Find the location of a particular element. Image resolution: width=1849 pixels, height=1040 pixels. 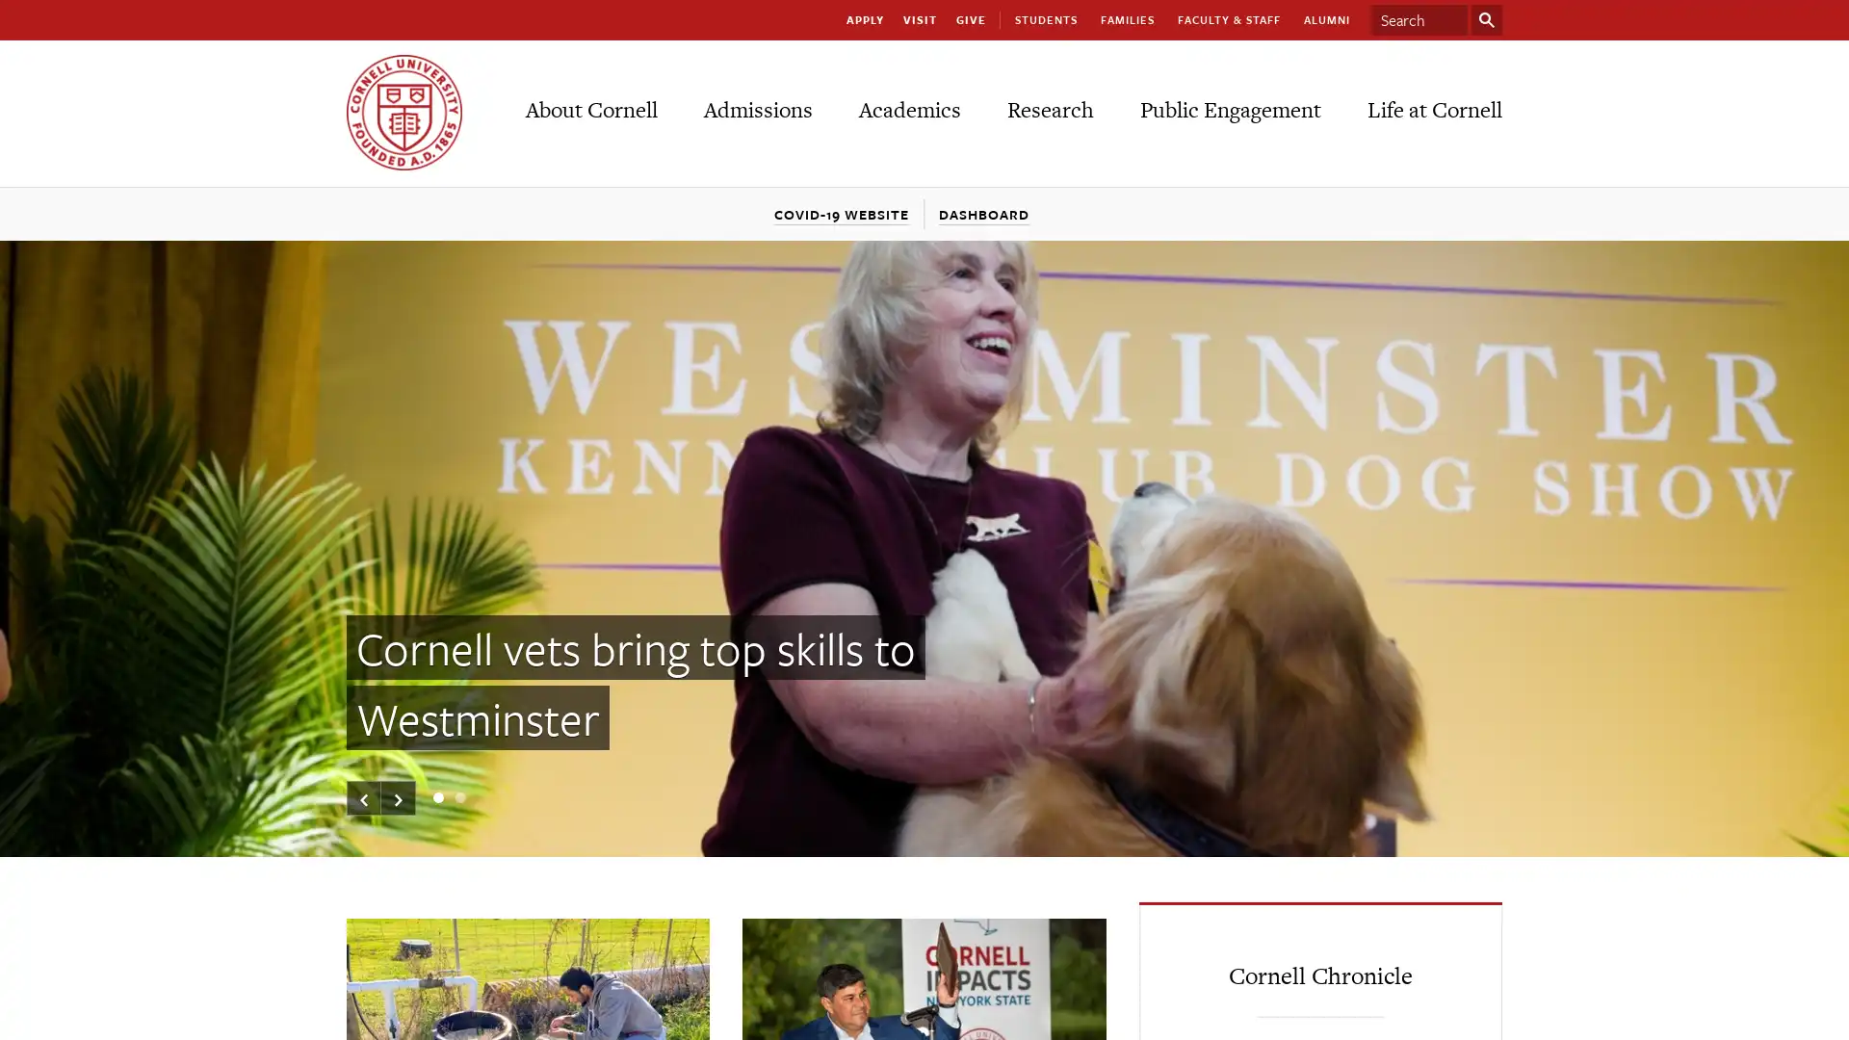

Previous slide is located at coordinates (364, 798).